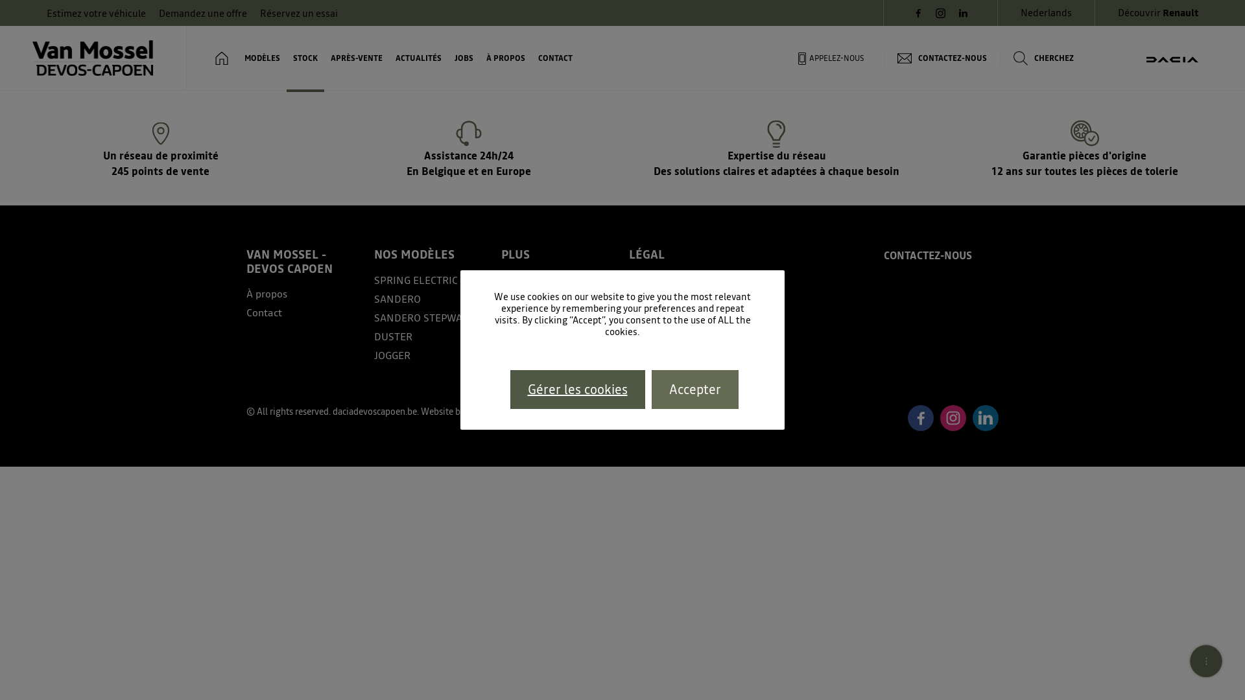 The width and height of the screenshot is (1245, 700). Describe the element at coordinates (942, 57) in the screenshot. I see `'CONTACTEZ-NOUS'` at that location.